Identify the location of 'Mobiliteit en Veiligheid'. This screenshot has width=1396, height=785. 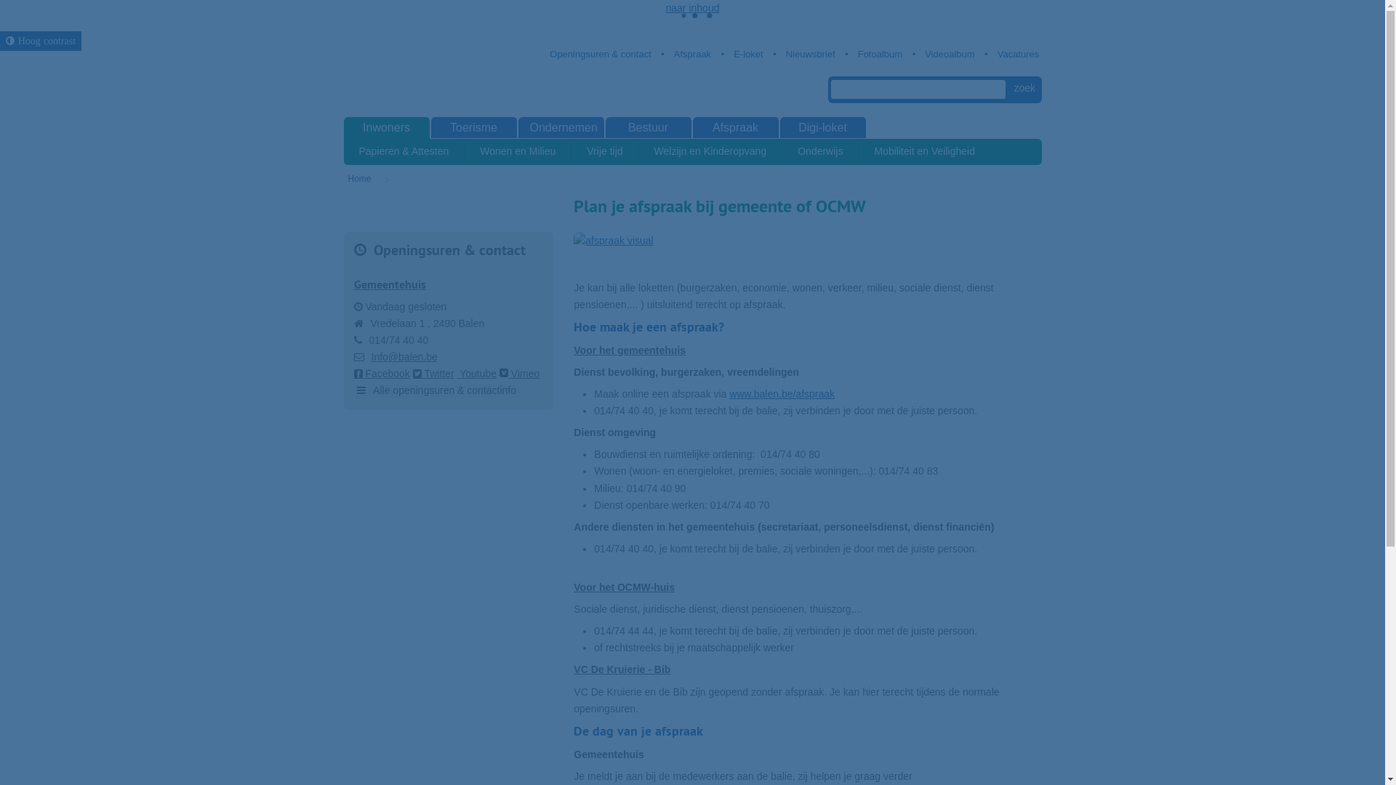
(858, 151).